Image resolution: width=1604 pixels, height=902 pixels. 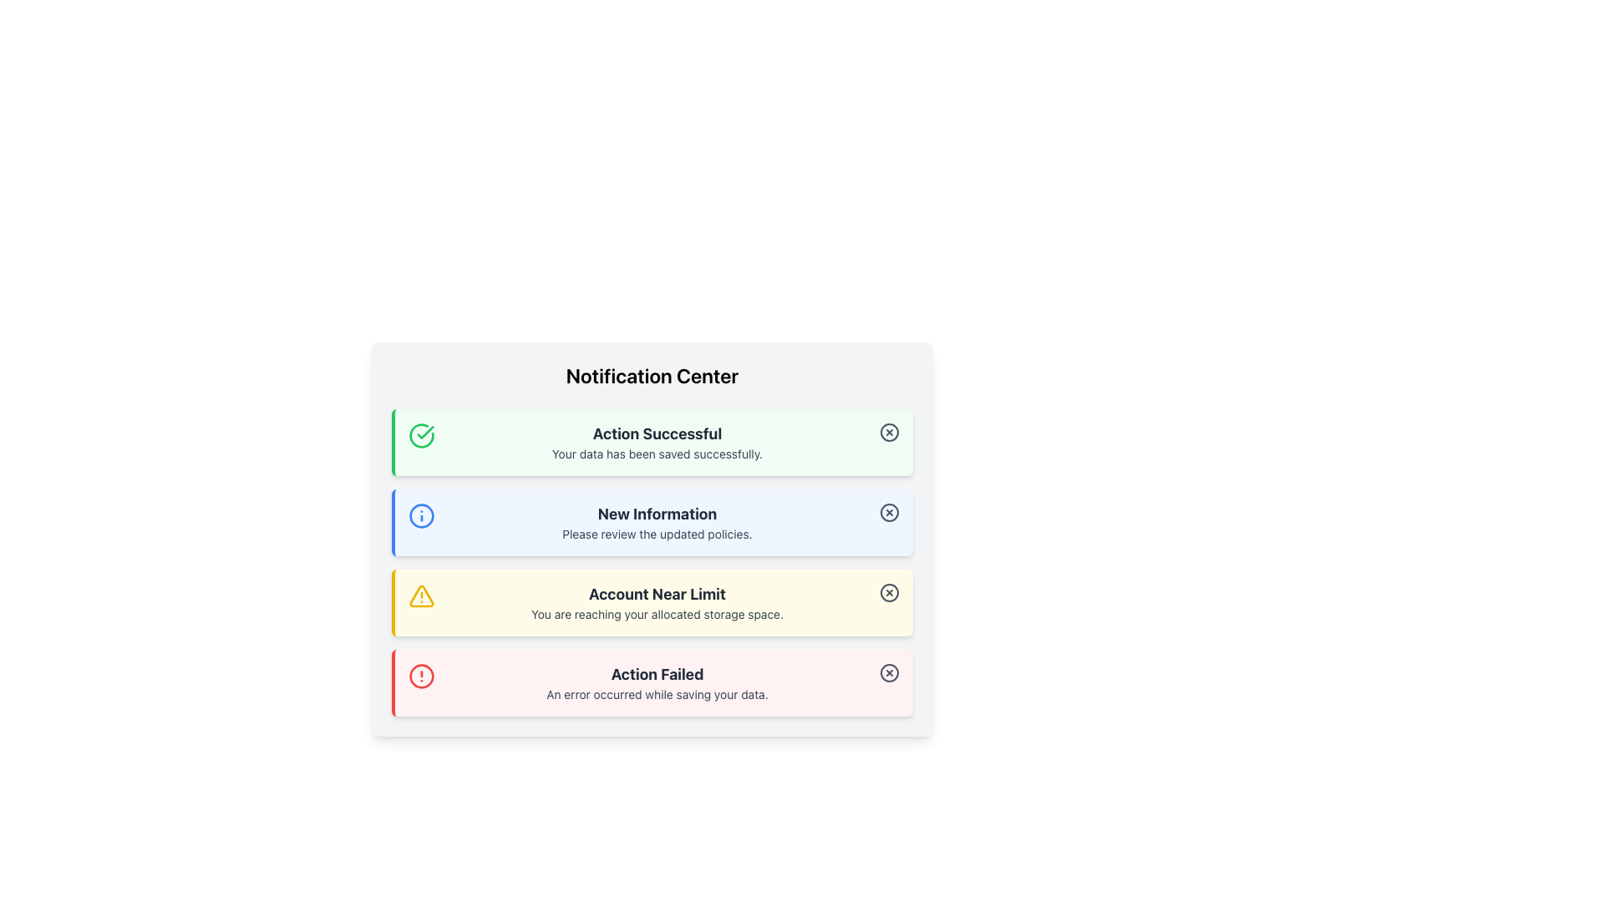 What do you see at coordinates (657, 433) in the screenshot?
I see `header text 'Action Successful.' which is a bold, large-sized dark-gray text located at the top of the notification card` at bounding box center [657, 433].